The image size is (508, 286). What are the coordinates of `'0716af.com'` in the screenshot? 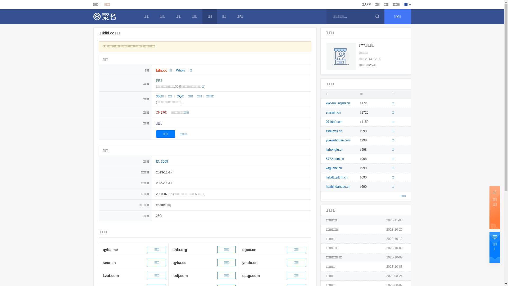 It's located at (334, 122).